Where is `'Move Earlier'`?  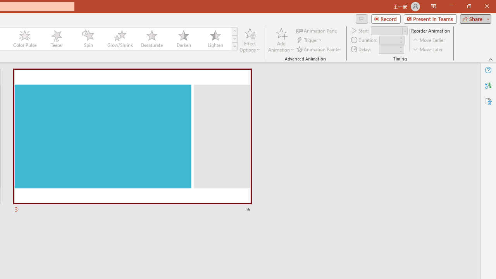 'Move Earlier' is located at coordinates (429, 40).